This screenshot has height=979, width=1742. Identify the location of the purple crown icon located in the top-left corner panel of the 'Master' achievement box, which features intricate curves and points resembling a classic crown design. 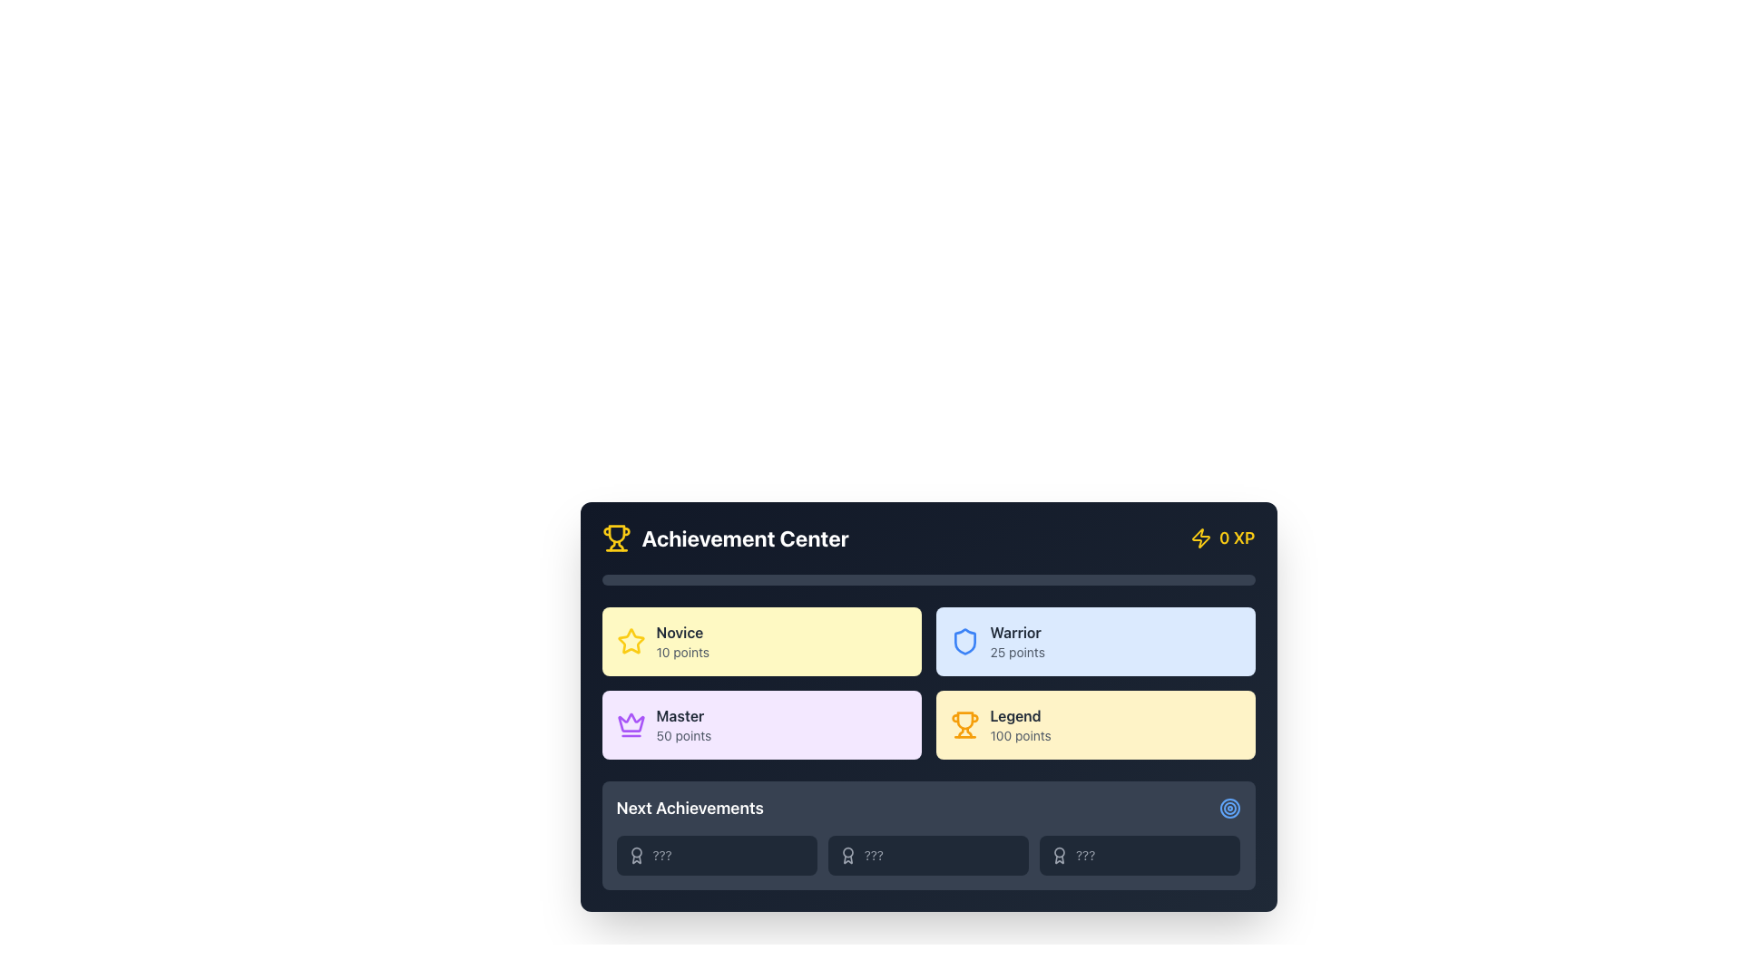
(631, 722).